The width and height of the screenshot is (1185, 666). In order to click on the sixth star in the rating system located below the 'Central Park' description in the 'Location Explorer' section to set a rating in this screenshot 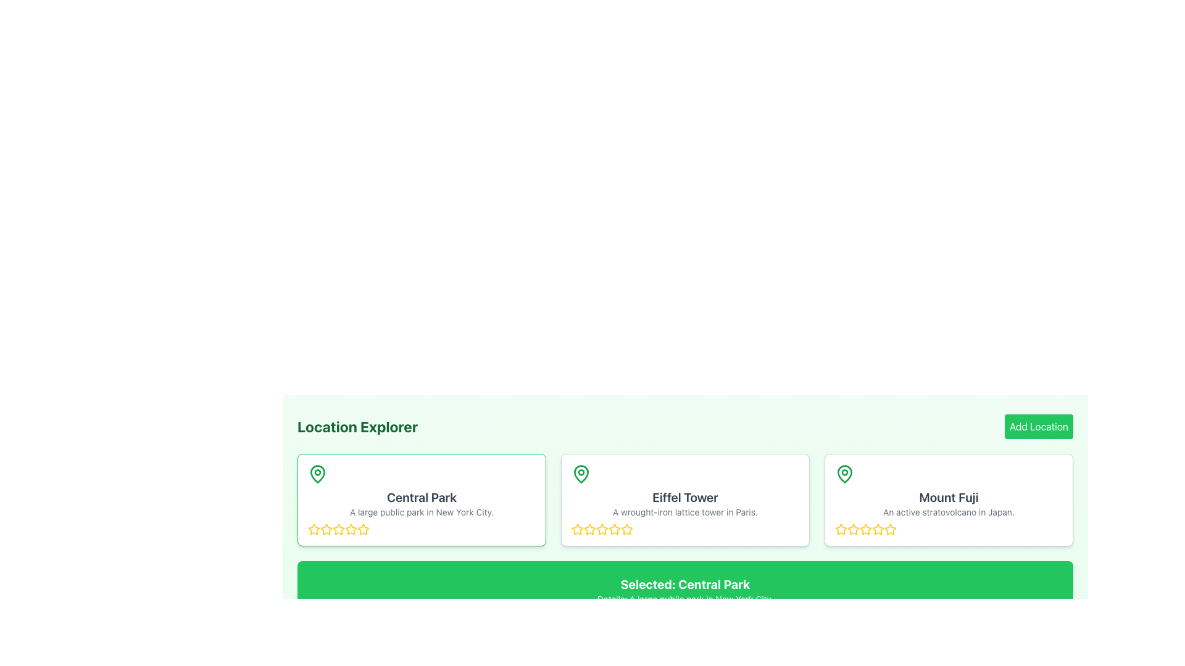, I will do `click(351, 529)`.